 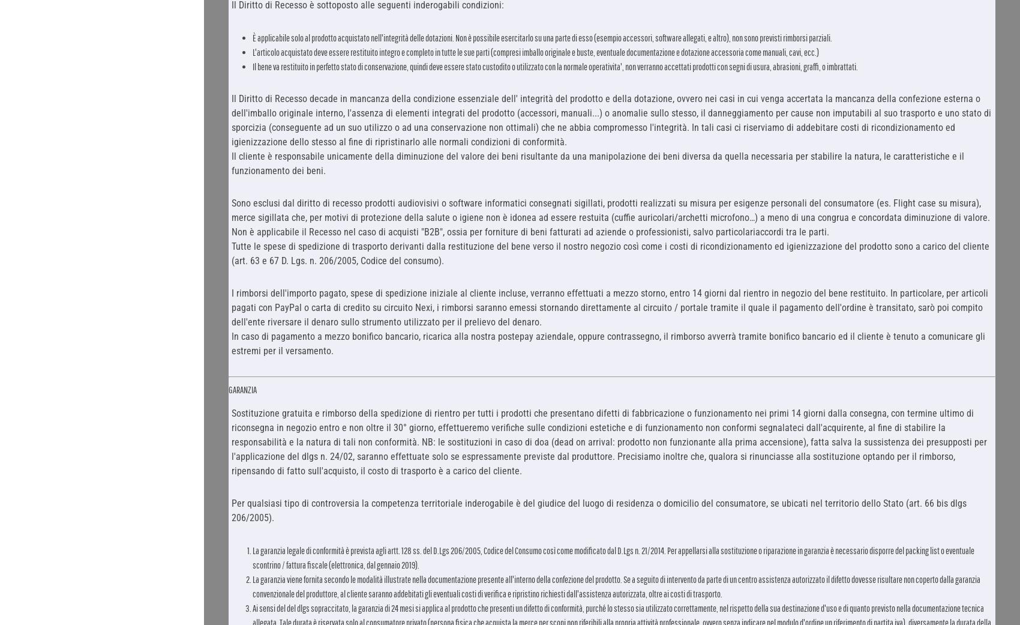 I want to click on 'I rimborsi dell'importo pagato, spese di spedizione iniziale al cliente incluse, verranno effettuati a mezzo storno, entro 14 giorni dal rientro in negozio del
bene restituito. In particolare, per articoli pagati con PayPal o carta di credito su circuito Nexi, i rimborsi saranno emessi stornando direttamente al circuito / portale tramite il quale il pagamento dell'ordine è transitato, sarò poi compito dell'ente riversare il denaro sullo strumento utilizzato per il prelievo del denaro.', so click(x=608, y=306).